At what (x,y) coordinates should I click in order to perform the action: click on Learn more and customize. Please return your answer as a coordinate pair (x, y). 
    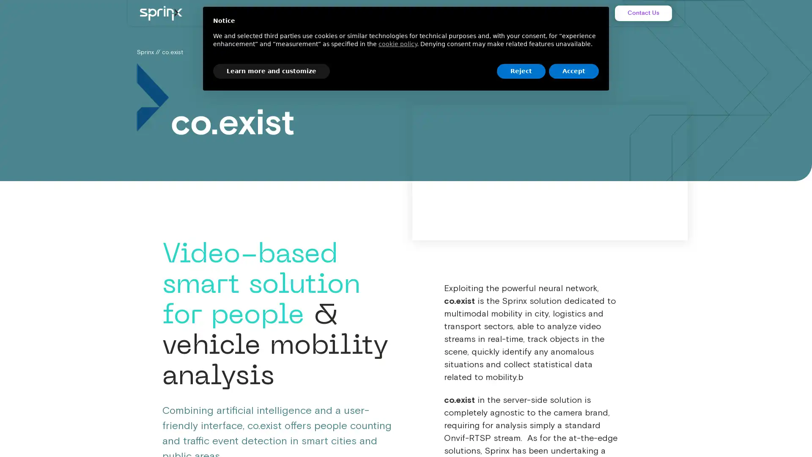
    Looking at the image, I should click on (272, 71).